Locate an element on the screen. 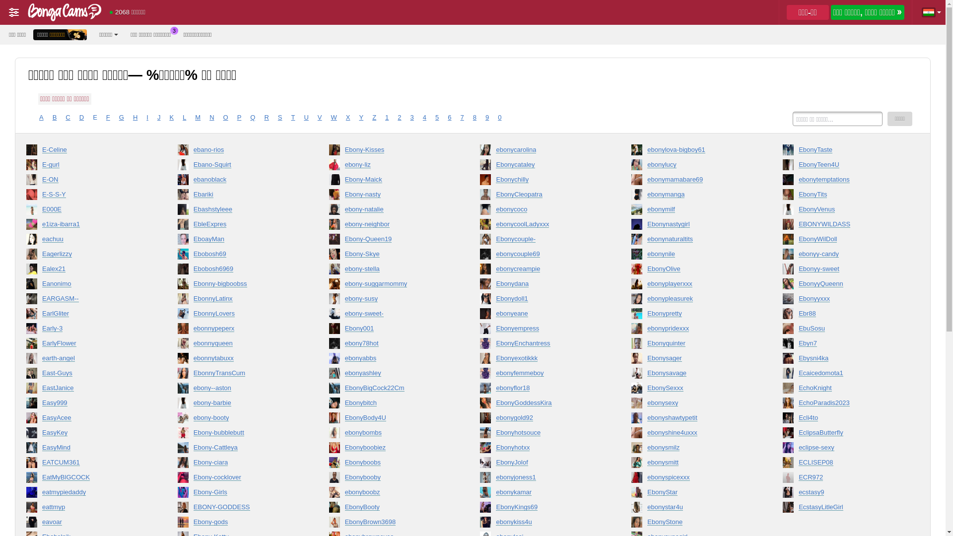  'O' is located at coordinates (225, 117).